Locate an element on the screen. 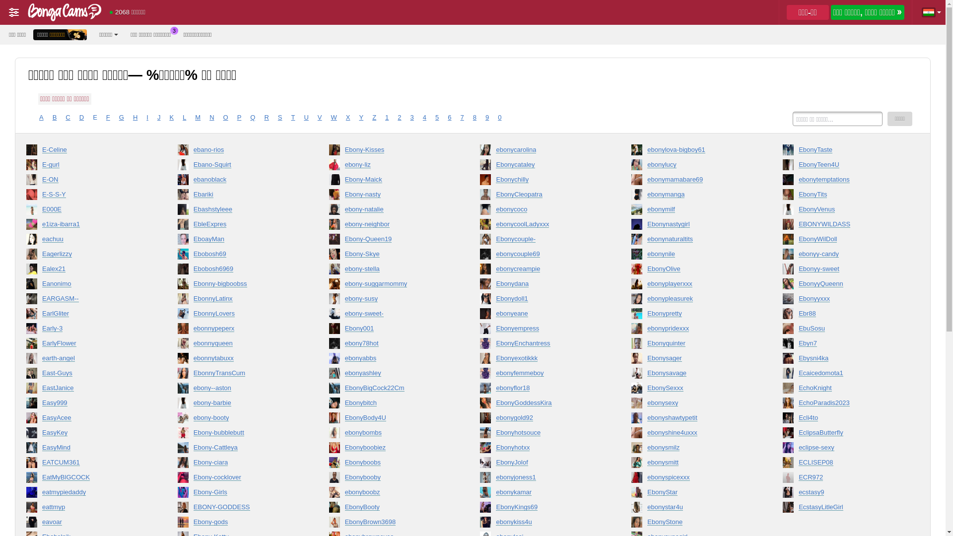  'O' is located at coordinates (225, 117).